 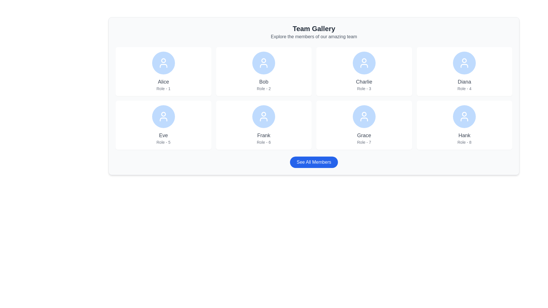 What do you see at coordinates (464, 116) in the screenshot?
I see `the Profile icon located at the lower-right corner of the card labeled 'Hank Role - 8' for user identification` at bounding box center [464, 116].